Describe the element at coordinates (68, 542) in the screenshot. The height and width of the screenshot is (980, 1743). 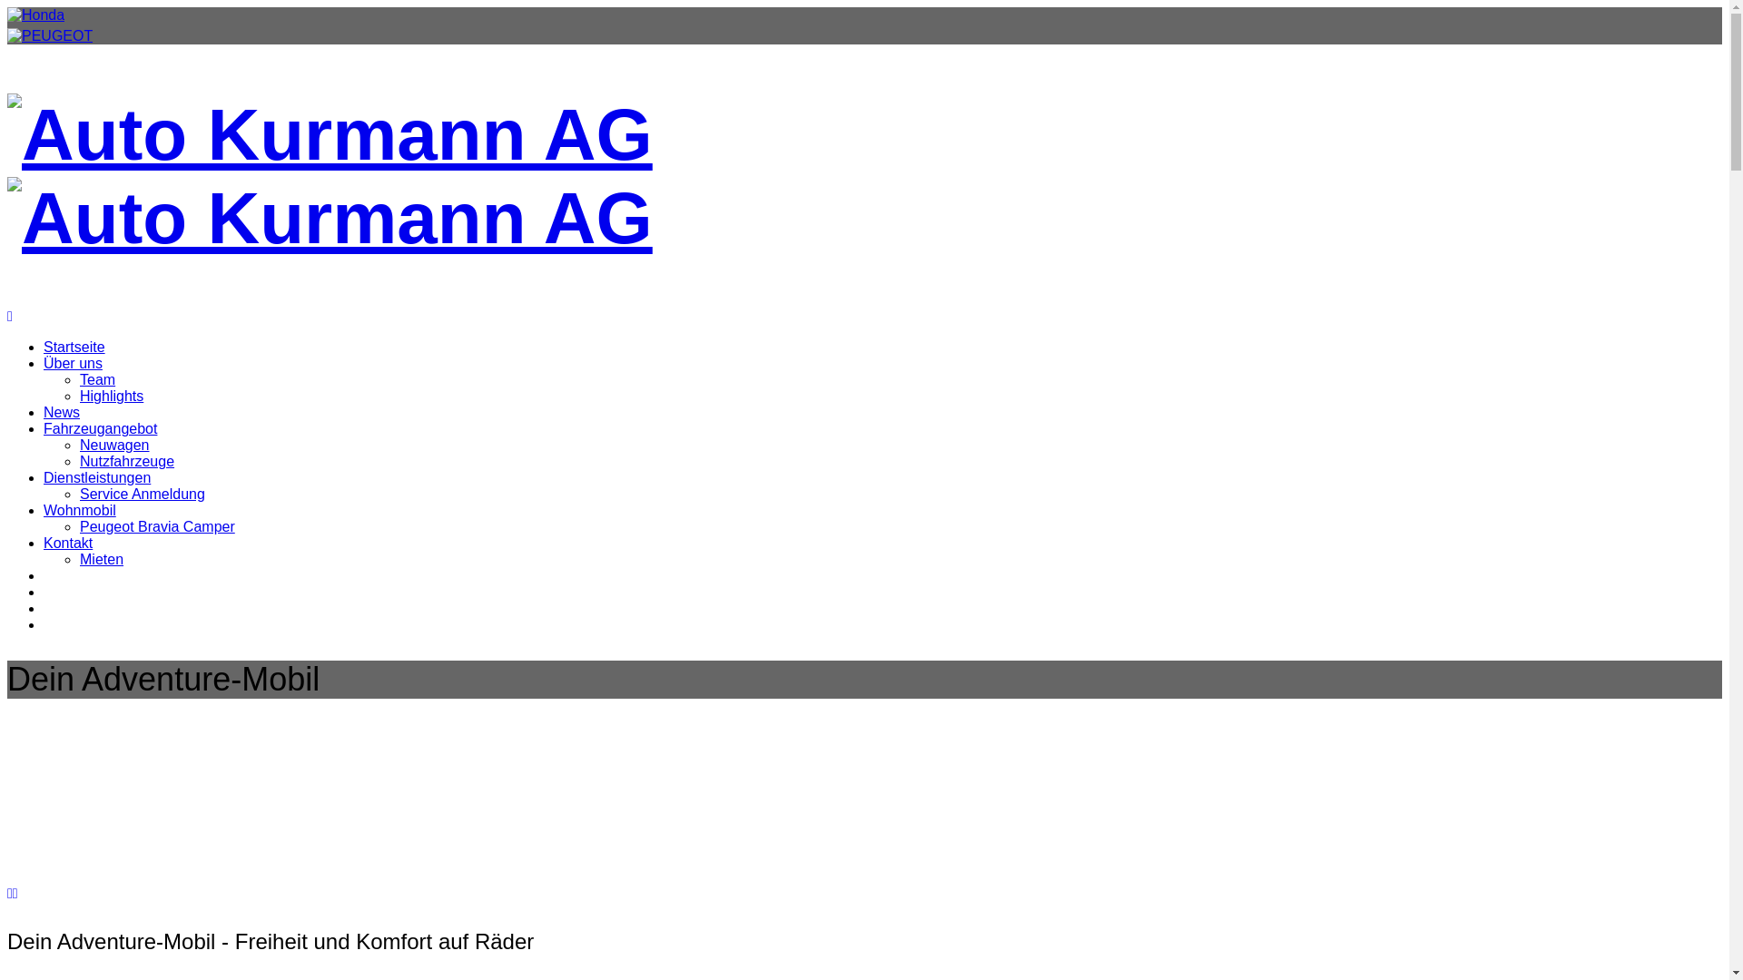
I see `'Kontakt'` at that location.